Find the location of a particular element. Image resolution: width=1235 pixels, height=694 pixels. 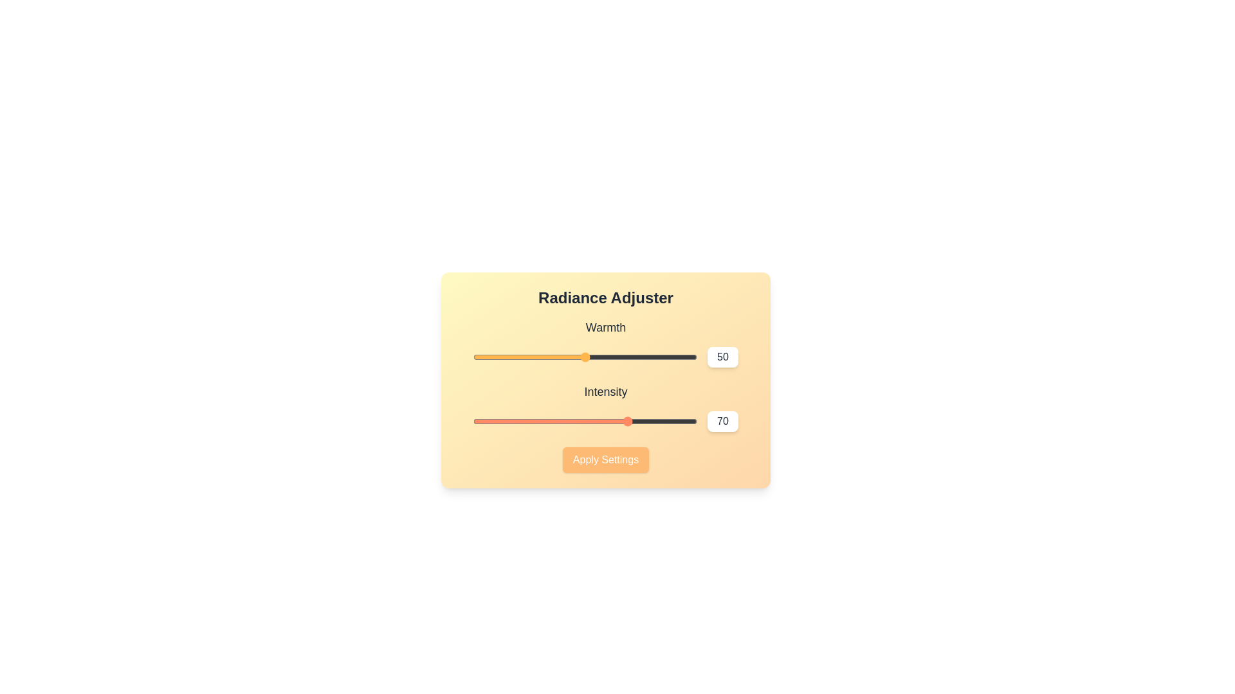

the 'Warmth' slider to 16 is located at coordinates (508, 357).